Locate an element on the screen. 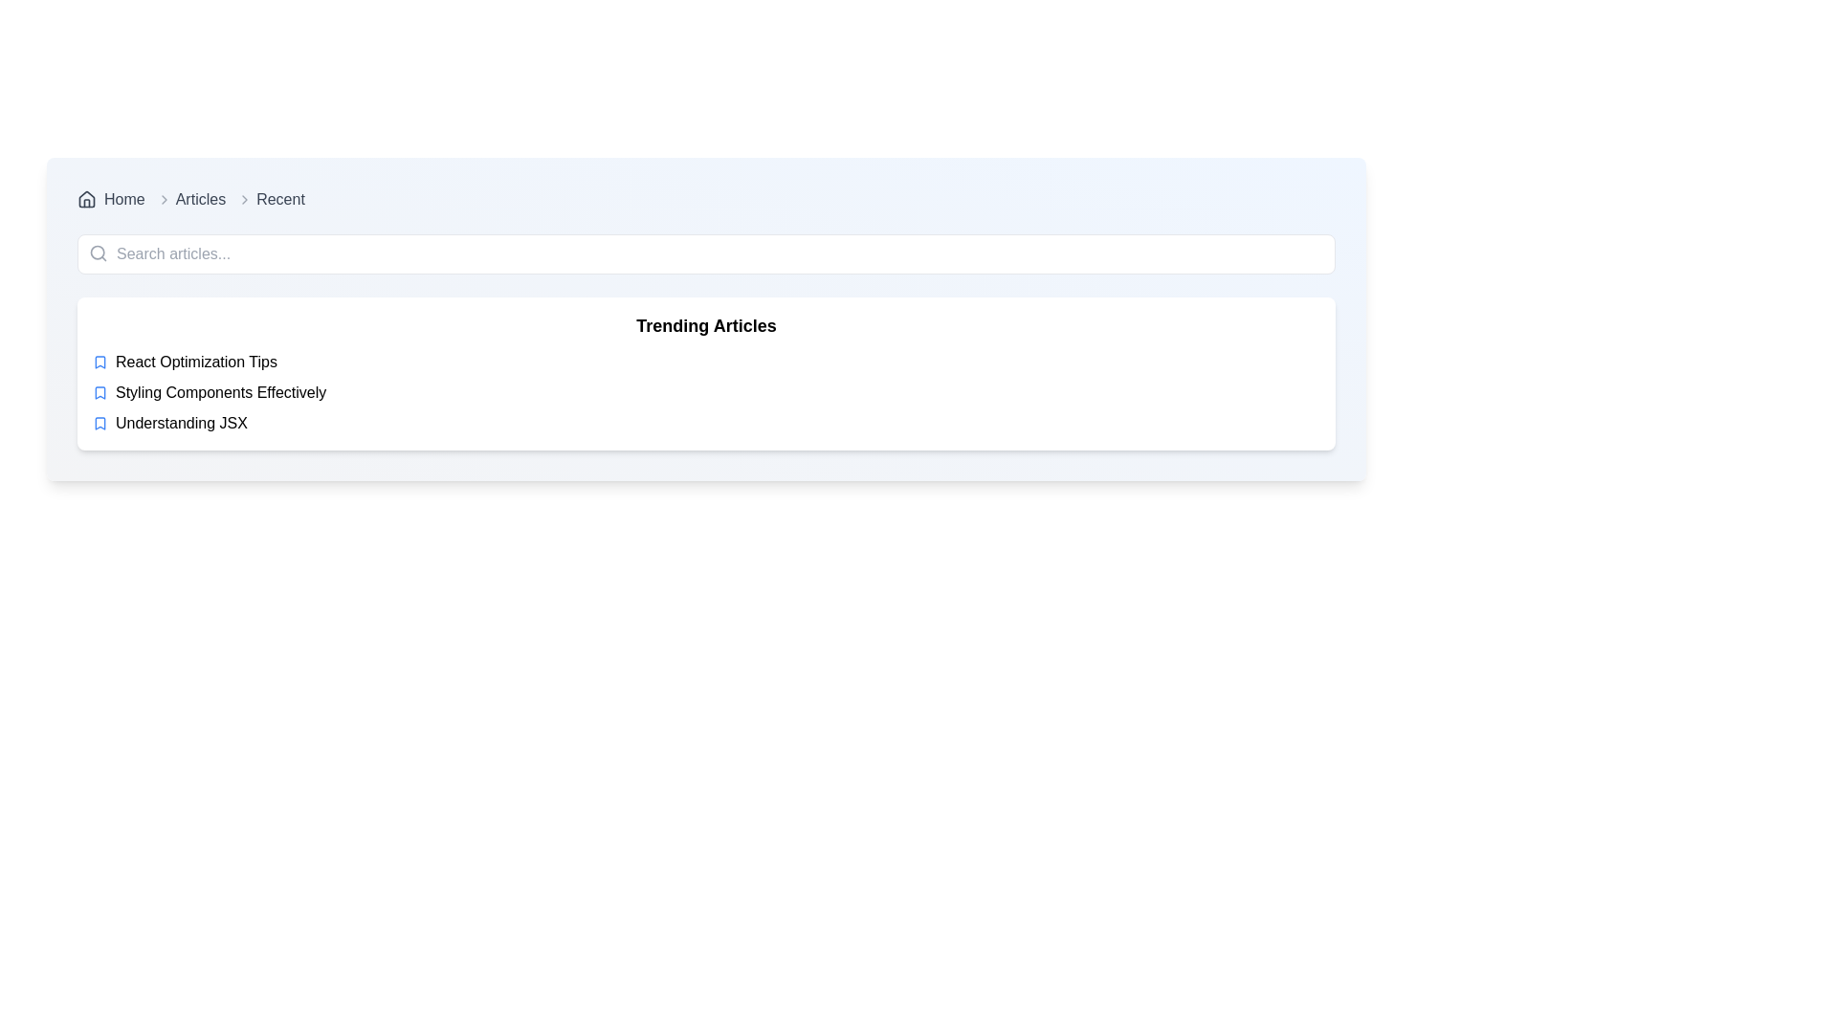 The height and width of the screenshot is (1033, 1837). the 'Articles' text-based hyperlink located in the breadcrumb navigation bar is located at coordinates (200, 199).